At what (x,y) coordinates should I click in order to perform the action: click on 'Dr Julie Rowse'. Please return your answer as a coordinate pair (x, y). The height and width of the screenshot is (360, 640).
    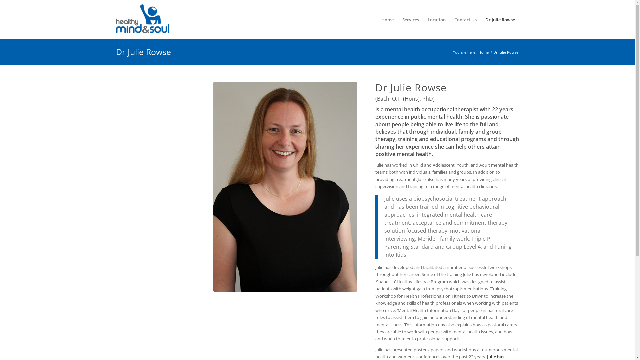
    Looking at the image, I should click on (143, 51).